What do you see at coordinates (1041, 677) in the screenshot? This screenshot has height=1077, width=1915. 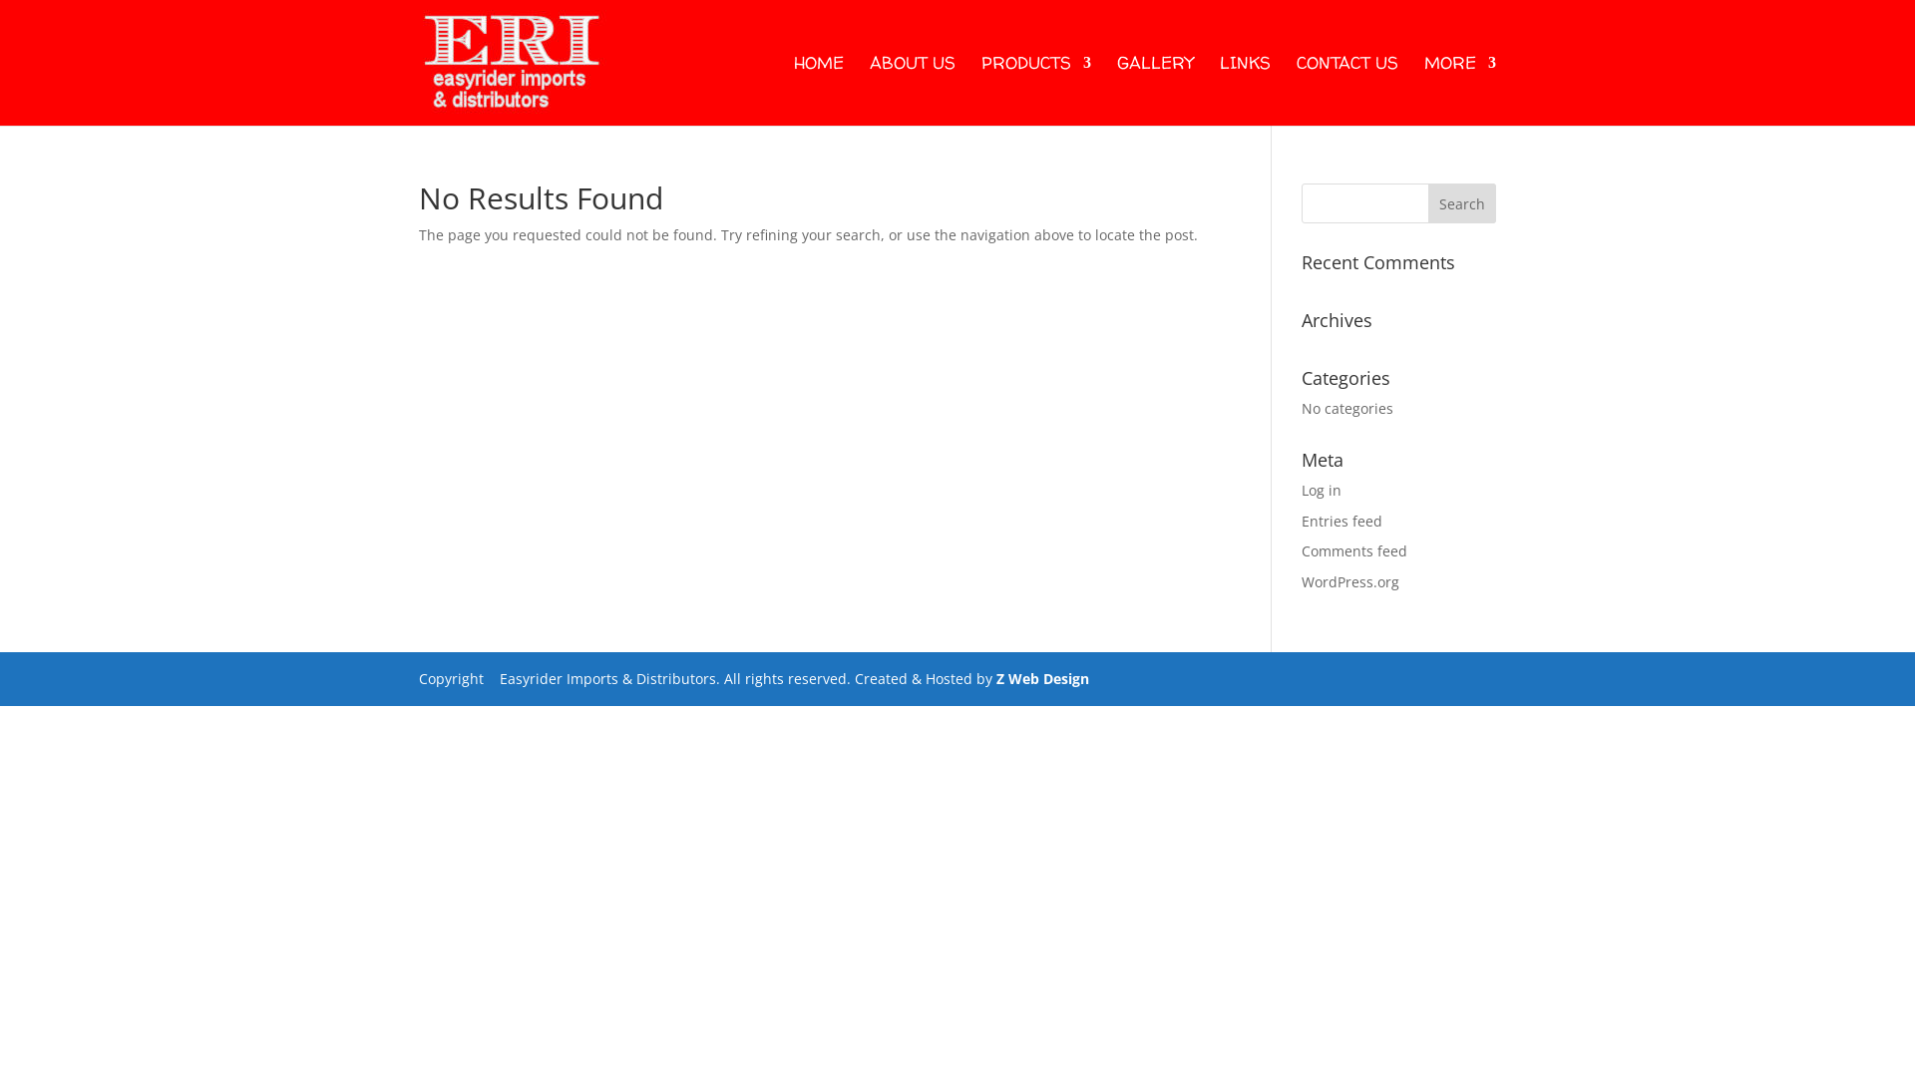 I see `'Z Web Design'` at bounding box center [1041, 677].